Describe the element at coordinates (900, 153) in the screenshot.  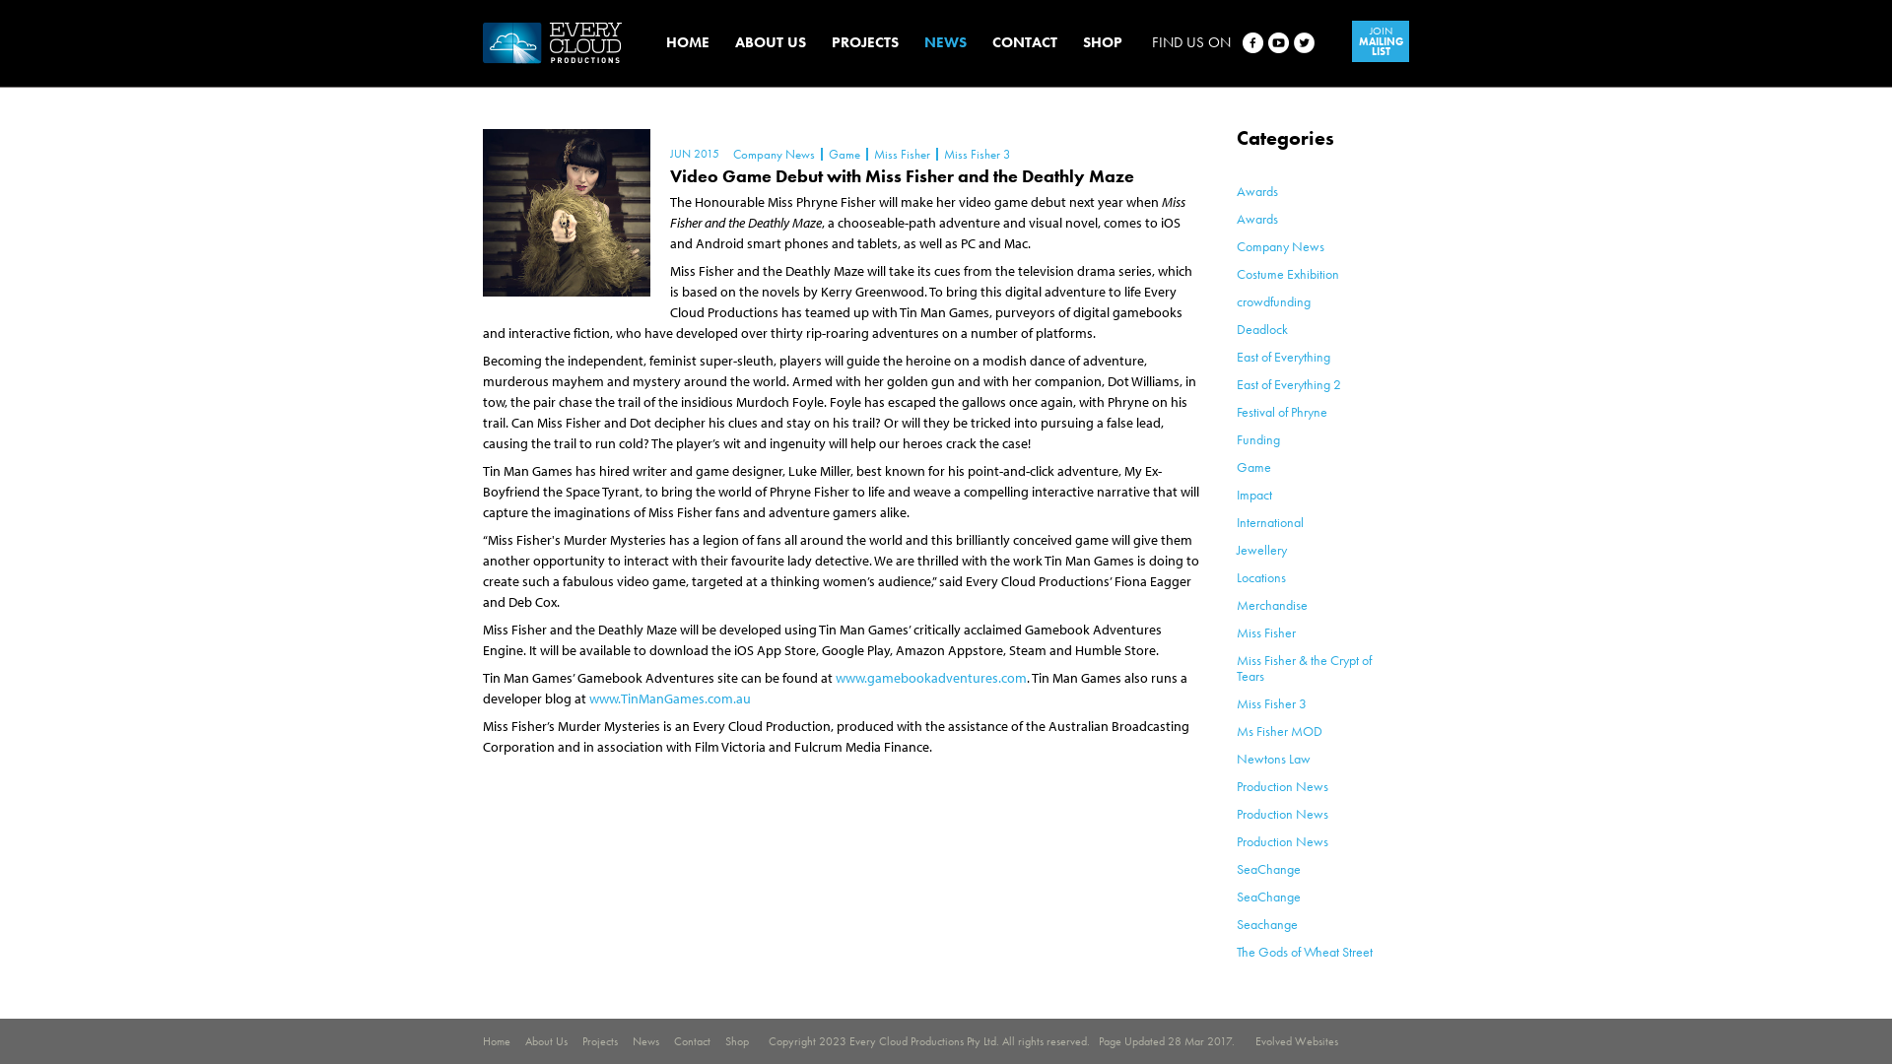
I see `'Miss Fisher'` at that location.